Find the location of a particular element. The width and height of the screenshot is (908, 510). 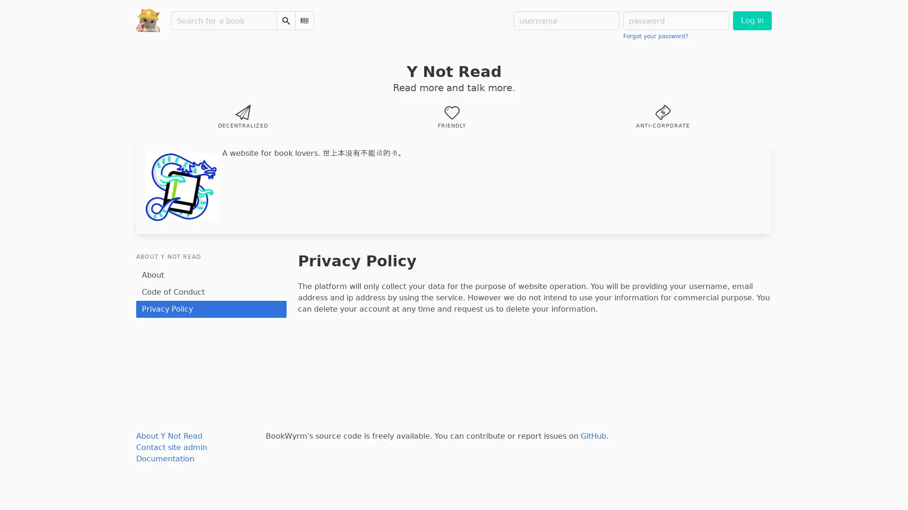

Search is located at coordinates (285, 20).